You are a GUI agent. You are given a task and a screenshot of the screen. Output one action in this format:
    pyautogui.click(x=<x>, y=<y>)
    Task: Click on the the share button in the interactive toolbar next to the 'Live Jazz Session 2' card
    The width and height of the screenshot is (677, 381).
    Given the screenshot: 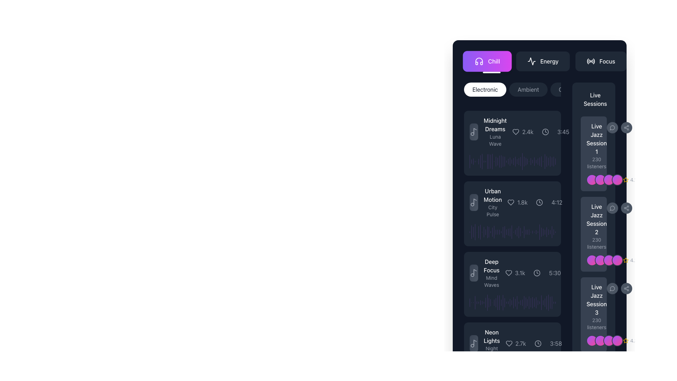 What is the action you would take?
    pyautogui.click(x=619, y=208)
    